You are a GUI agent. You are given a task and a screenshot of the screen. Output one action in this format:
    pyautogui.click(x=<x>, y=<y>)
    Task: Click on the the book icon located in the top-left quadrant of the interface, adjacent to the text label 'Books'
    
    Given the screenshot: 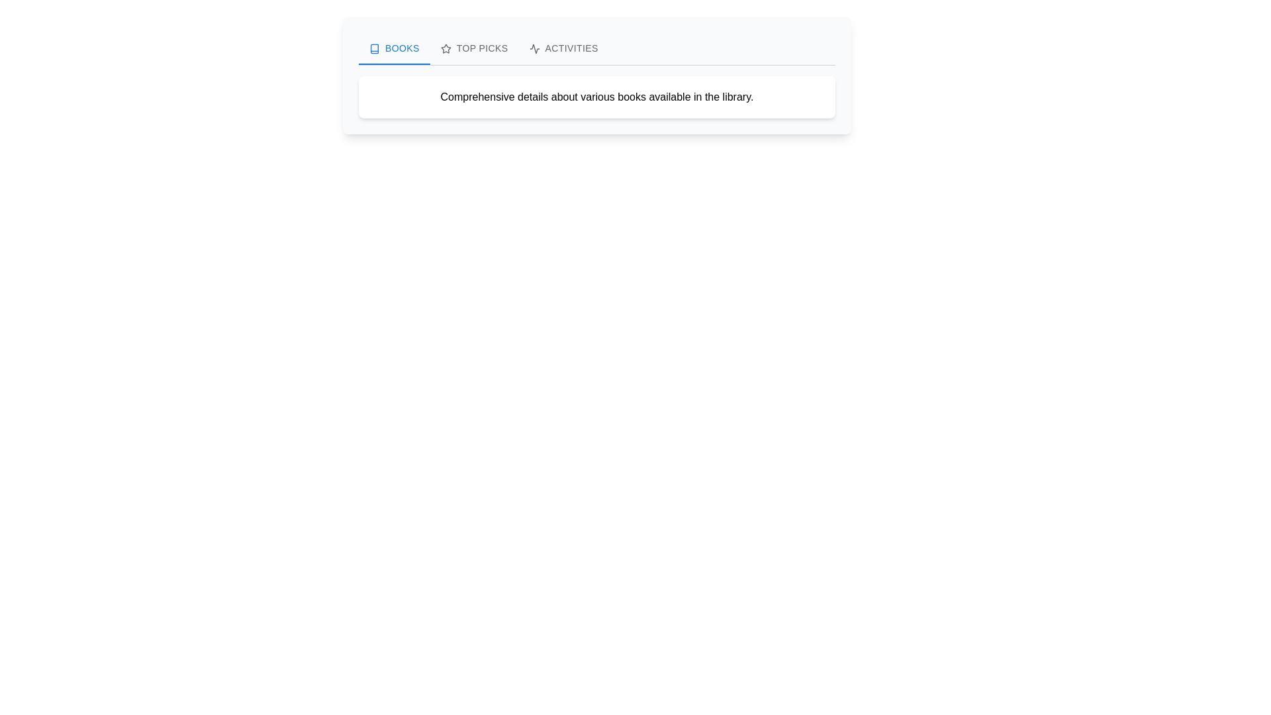 What is the action you would take?
    pyautogui.click(x=374, y=48)
    